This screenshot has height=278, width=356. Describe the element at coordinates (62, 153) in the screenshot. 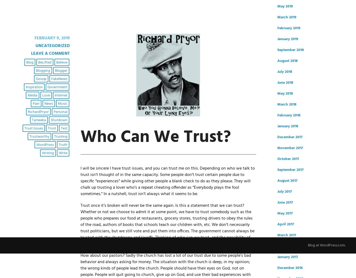

I see `'Write'` at that location.